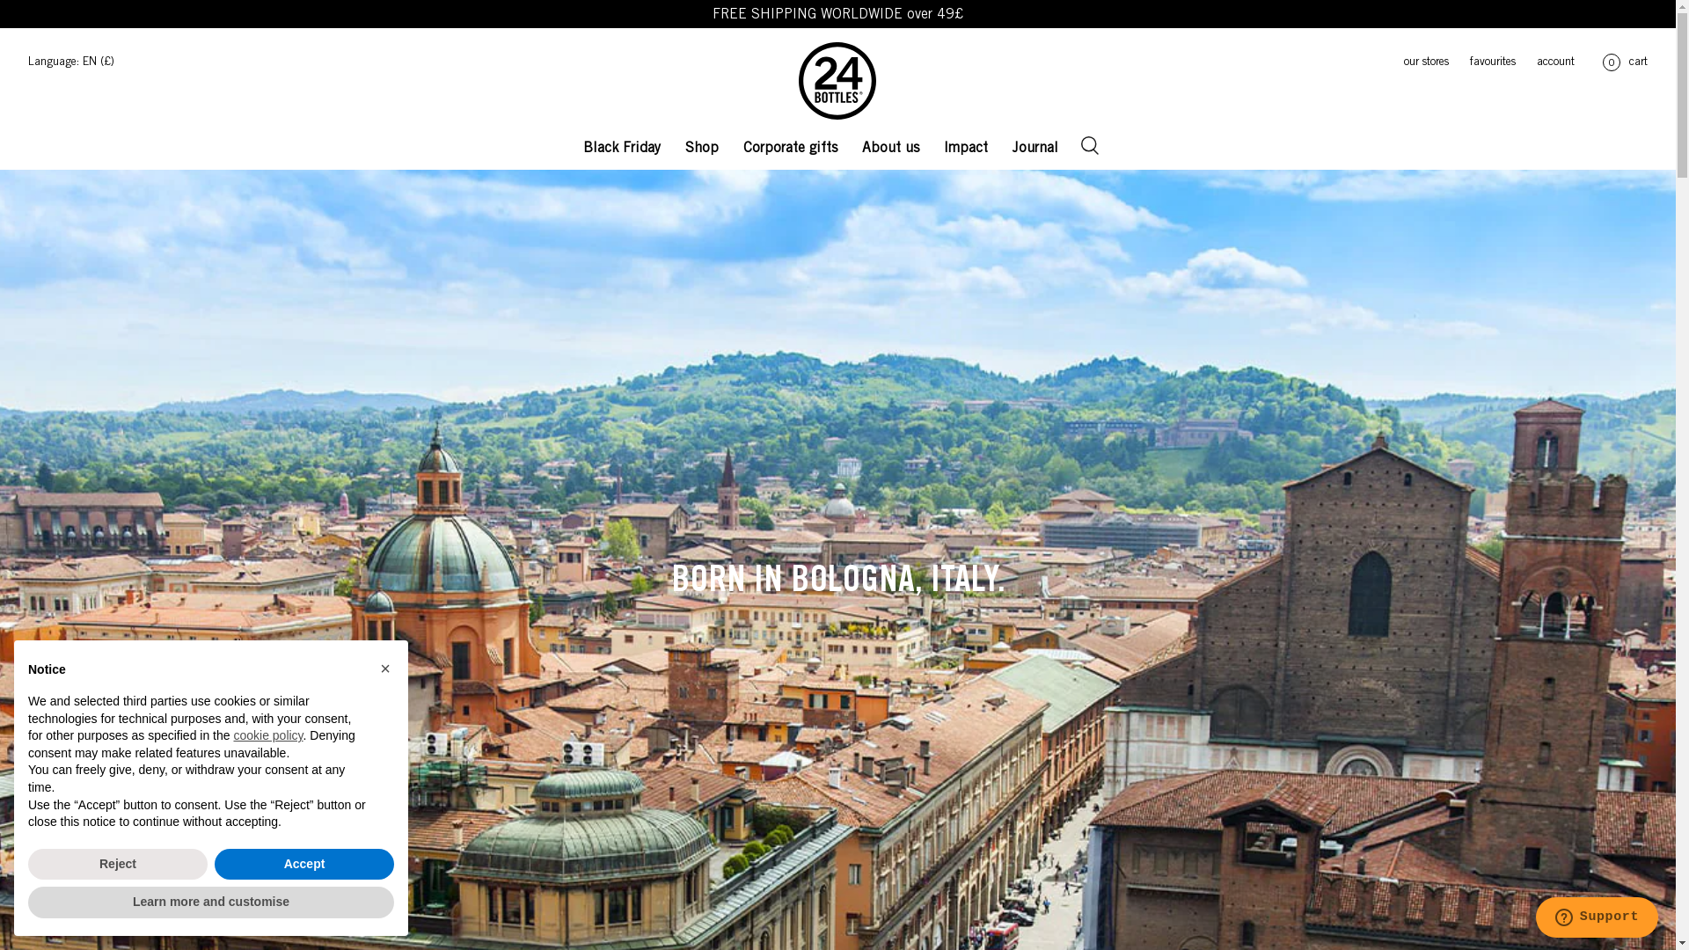  Describe the element at coordinates (211, 902) in the screenshot. I see `'Learn more and customise'` at that location.